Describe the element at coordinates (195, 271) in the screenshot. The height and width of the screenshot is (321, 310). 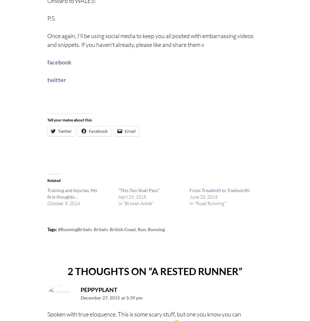
I see `'A Rested Runner'` at that location.